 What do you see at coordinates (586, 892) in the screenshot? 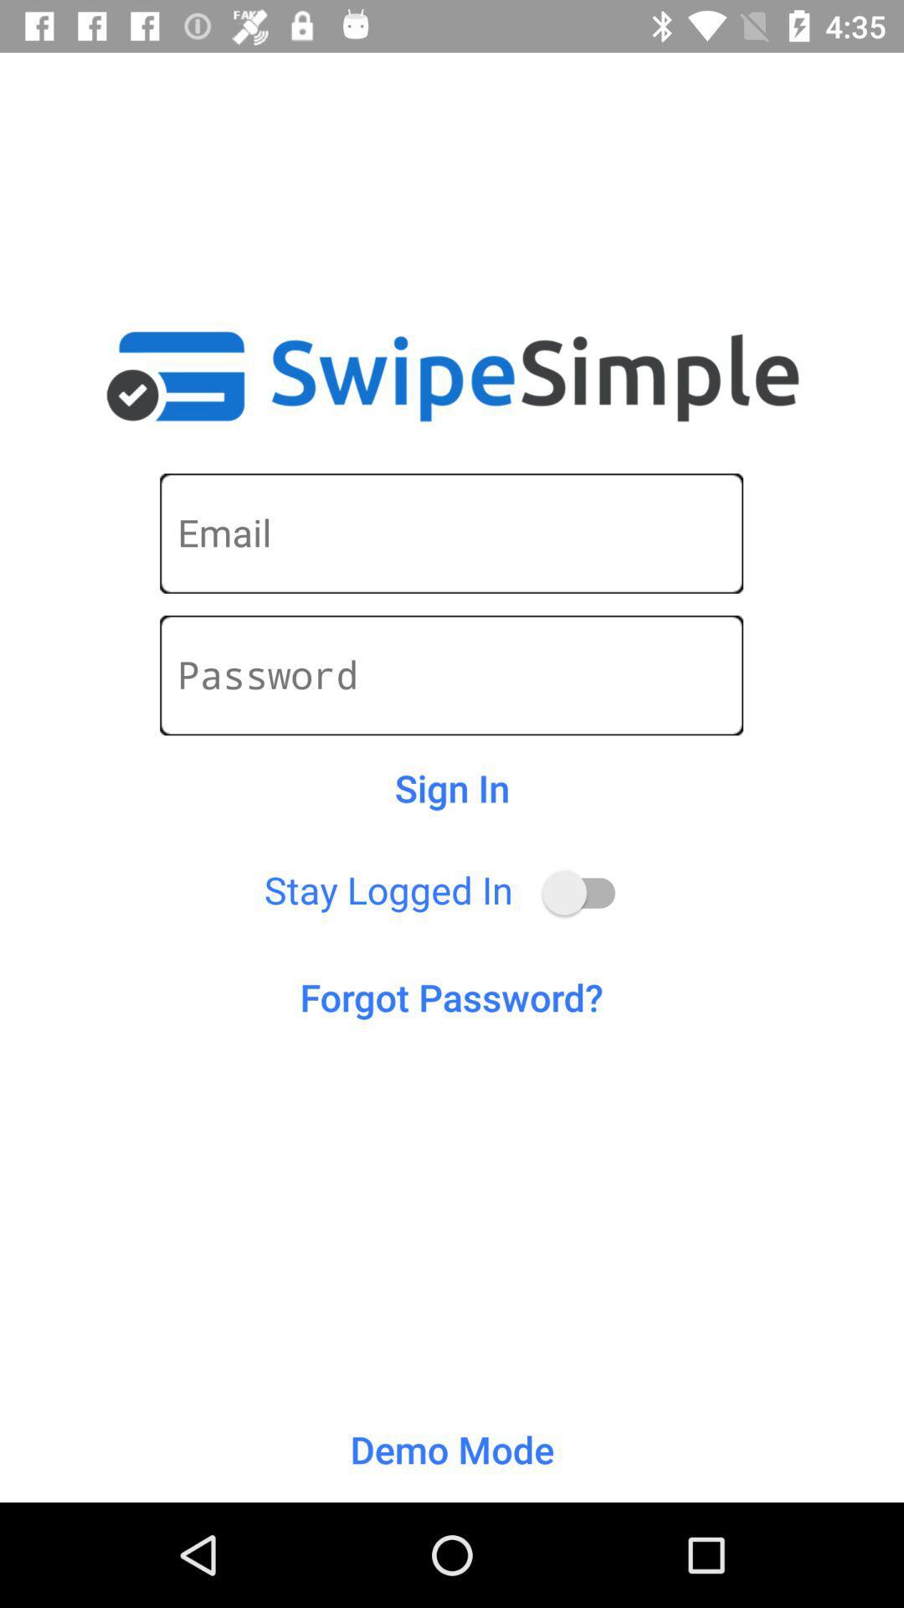
I see `activation button` at bounding box center [586, 892].